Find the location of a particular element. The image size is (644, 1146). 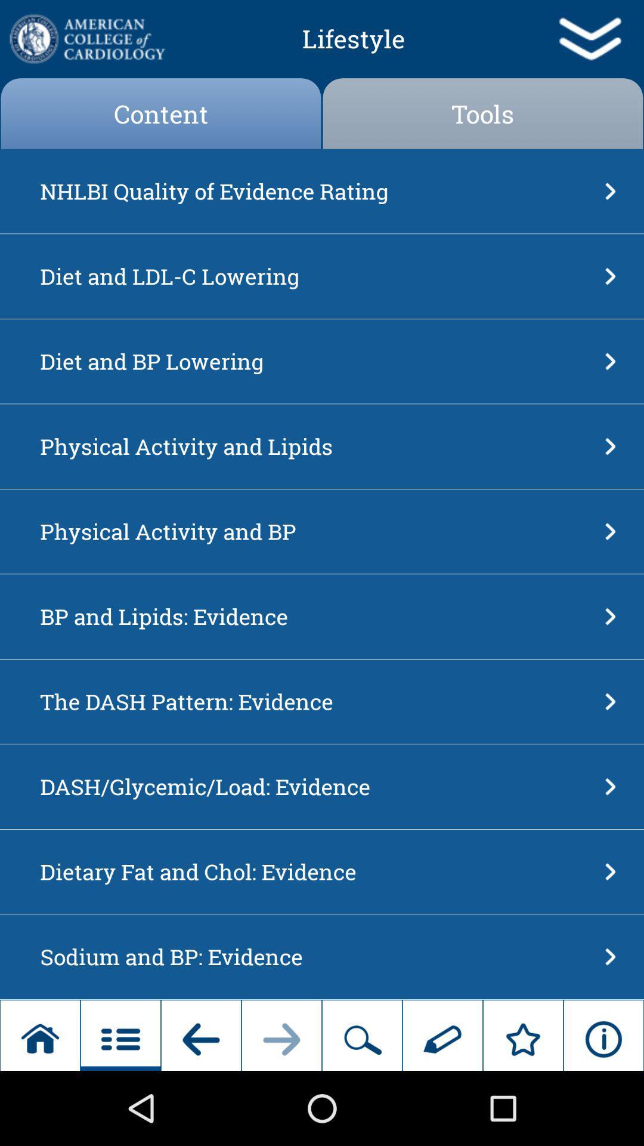

acoc website is located at coordinates (86, 39).